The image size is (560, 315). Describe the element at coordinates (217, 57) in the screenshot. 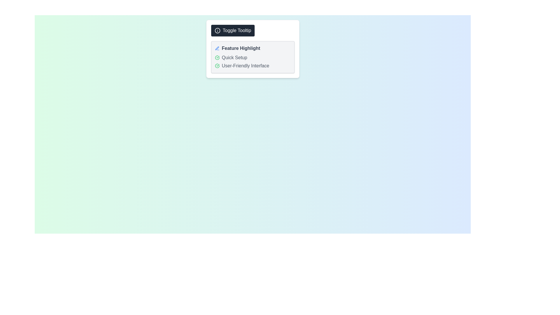

I see `the leftmost curved line of the check-mark circle icon within the SVG graphic, located above and to the right of the 'User-Friendly Interface' text` at that location.